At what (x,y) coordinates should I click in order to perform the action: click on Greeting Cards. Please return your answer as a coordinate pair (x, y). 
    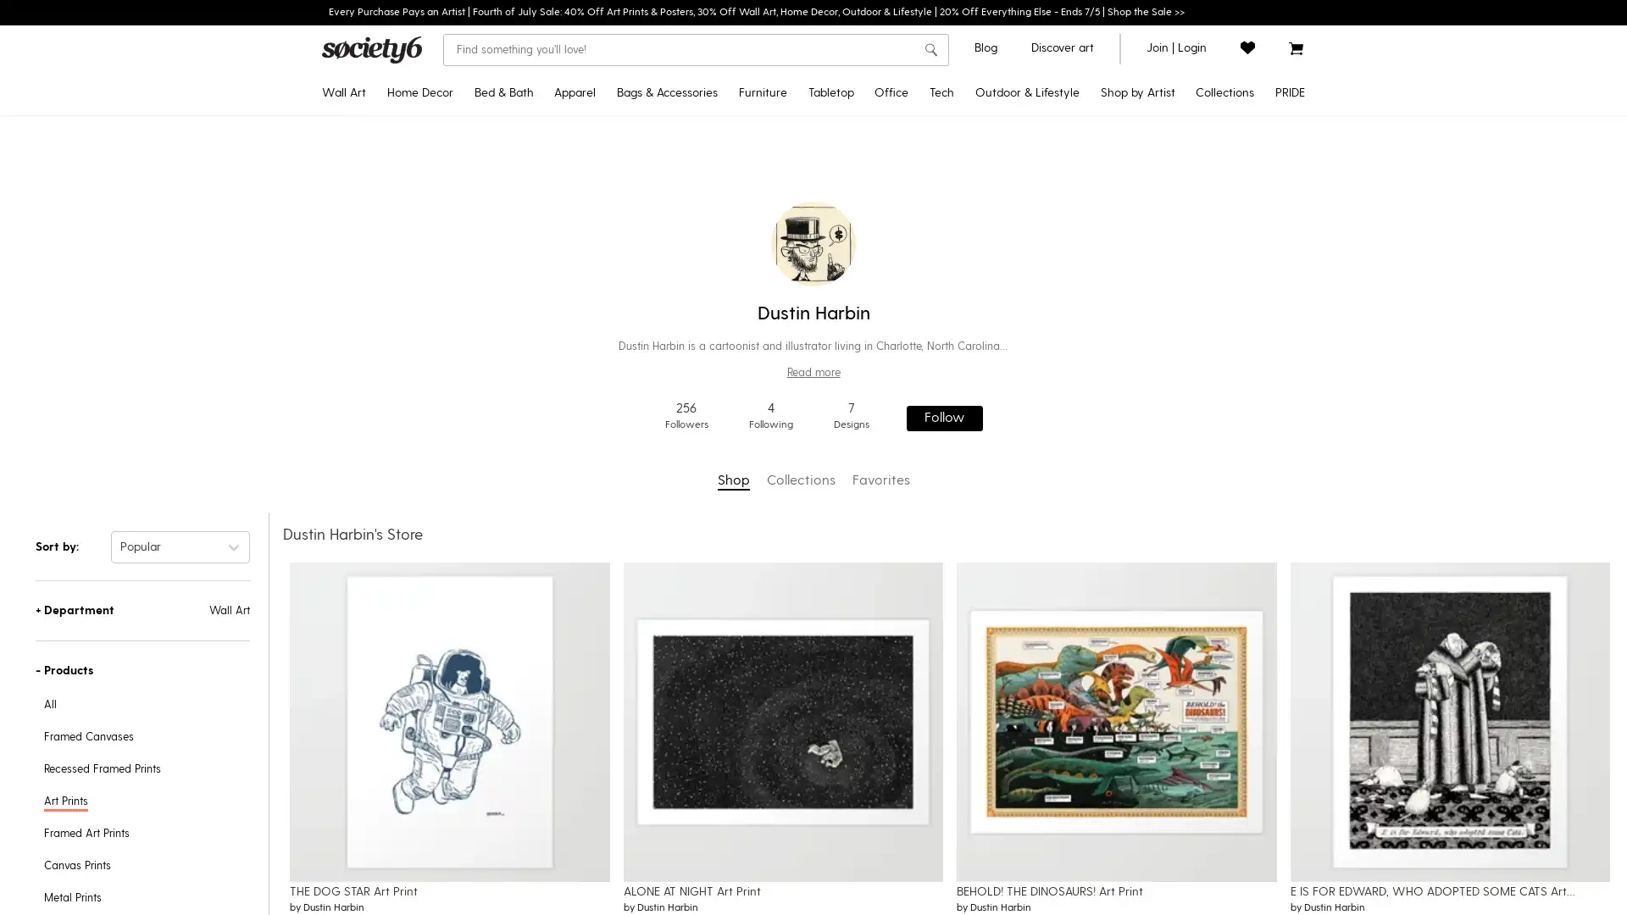
    Looking at the image, I should click on (933, 382).